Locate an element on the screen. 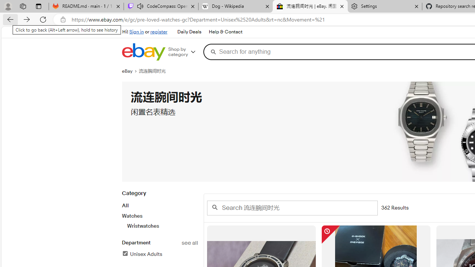  'Daily Deals' is located at coordinates (189, 32).